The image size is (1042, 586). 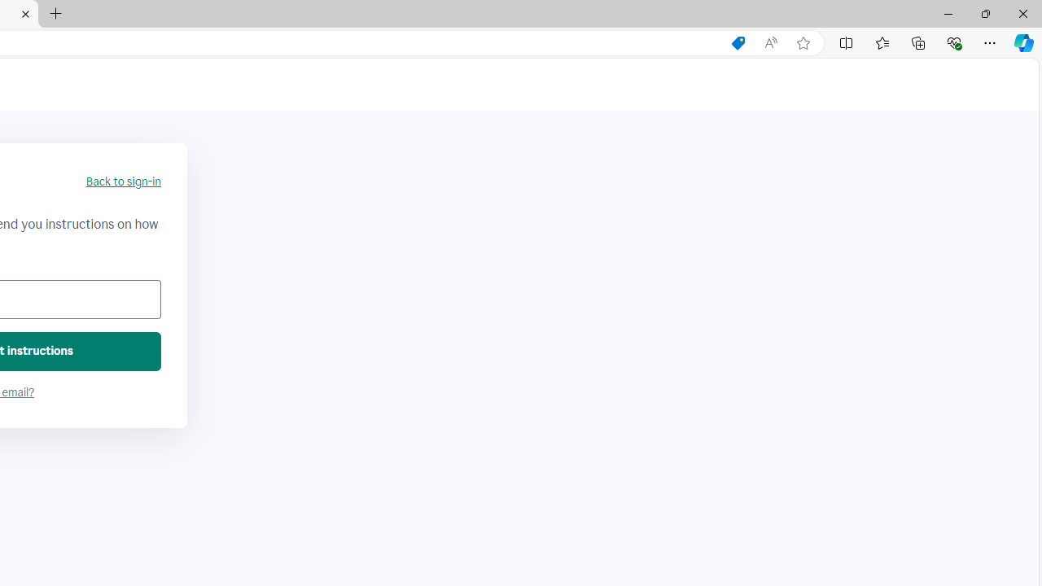 What do you see at coordinates (122, 181) in the screenshot?
I see `'Back to sign-in'` at bounding box center [122, 181].